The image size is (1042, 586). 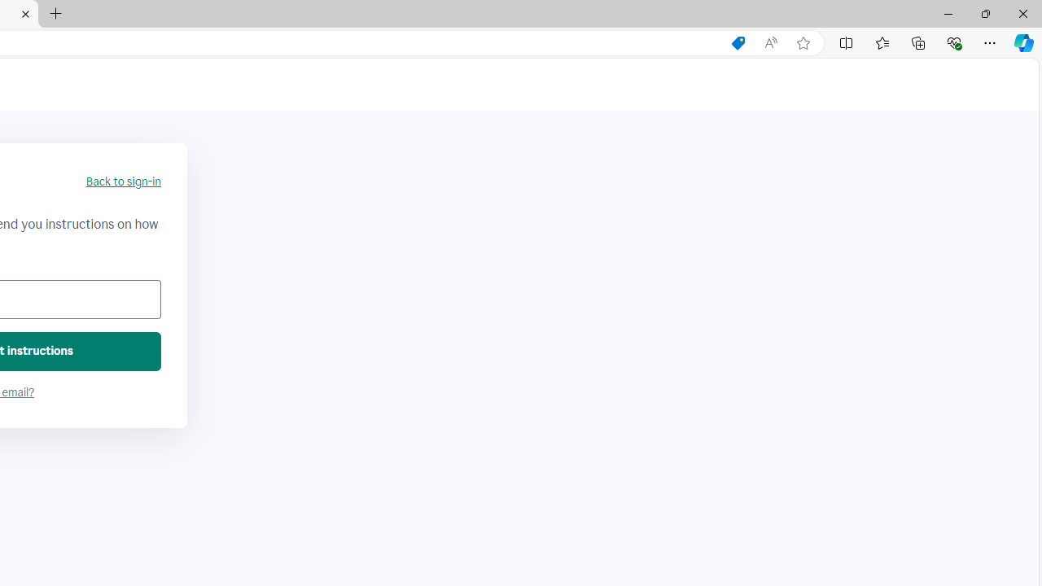 What do you see at coordinates (122, 181) in the screenshot?
I see `'Back to sign-in'` at bounding box center [122, 181].